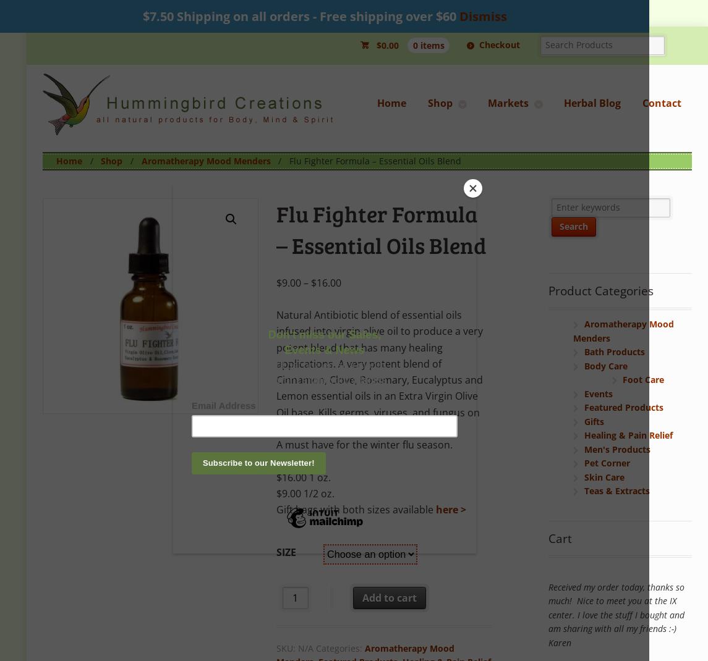 The height and width of the screenshot is (661, 708). What do you see at coordinates (427, 44) in the screenshot?
I see `'0 items'` at bounding box center [427, 44].